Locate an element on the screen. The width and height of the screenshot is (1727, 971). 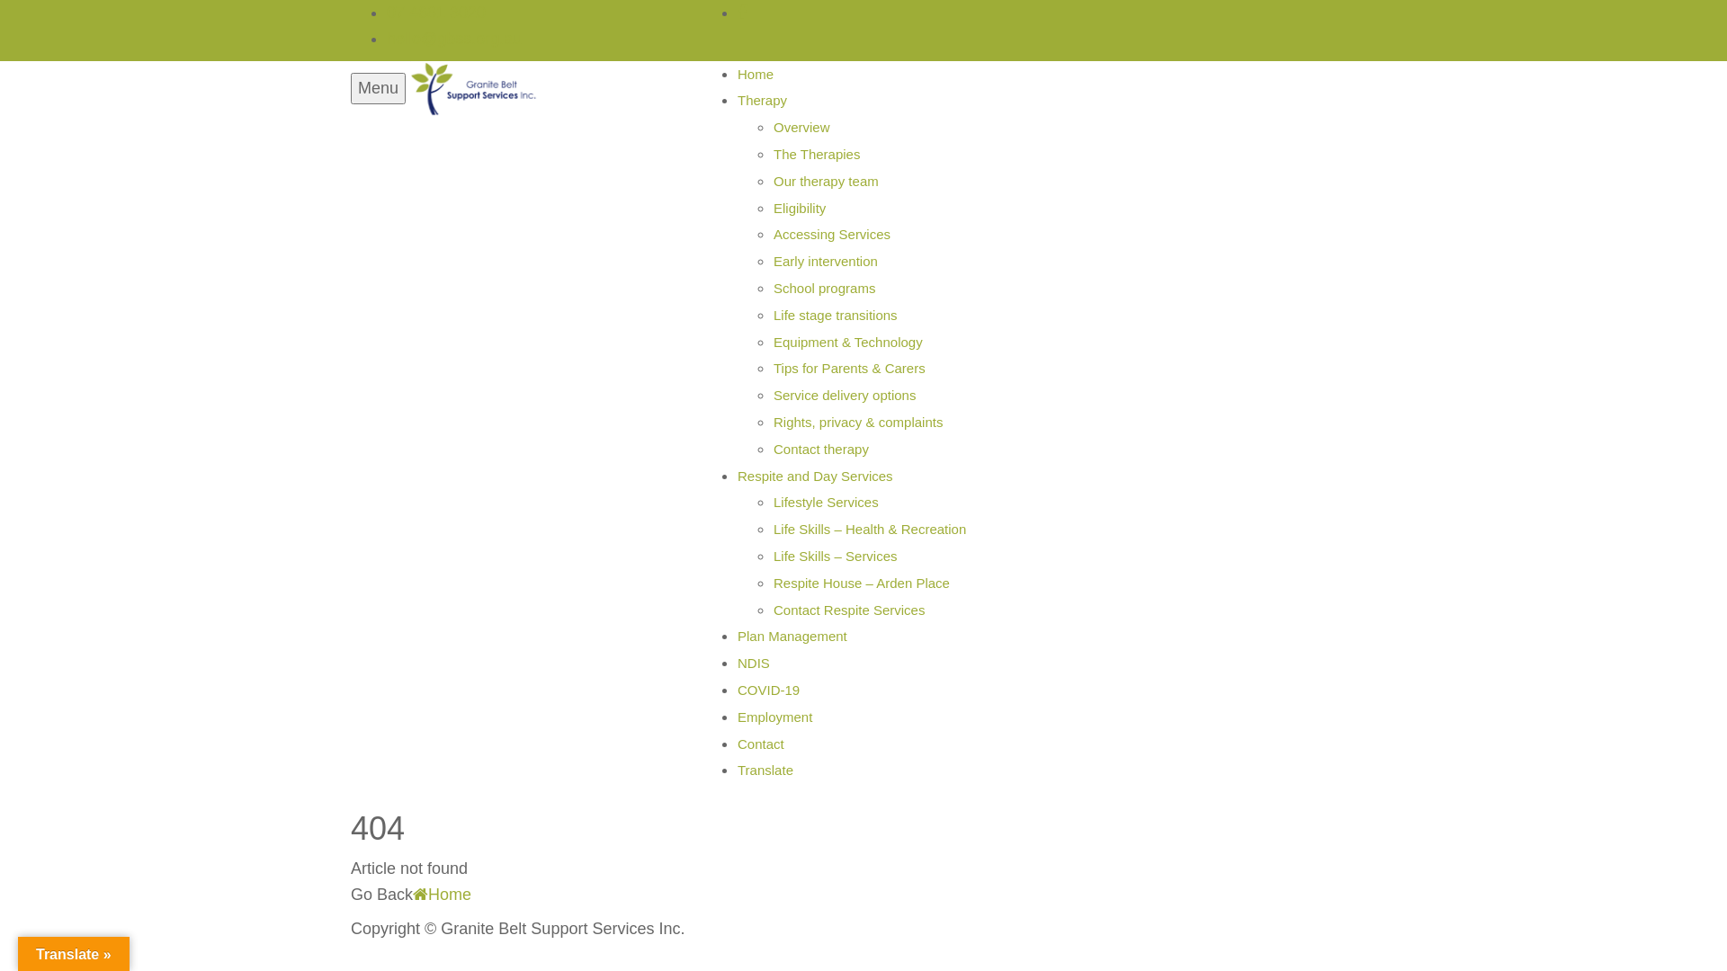
'Home' is located at coordinates (442, 894).